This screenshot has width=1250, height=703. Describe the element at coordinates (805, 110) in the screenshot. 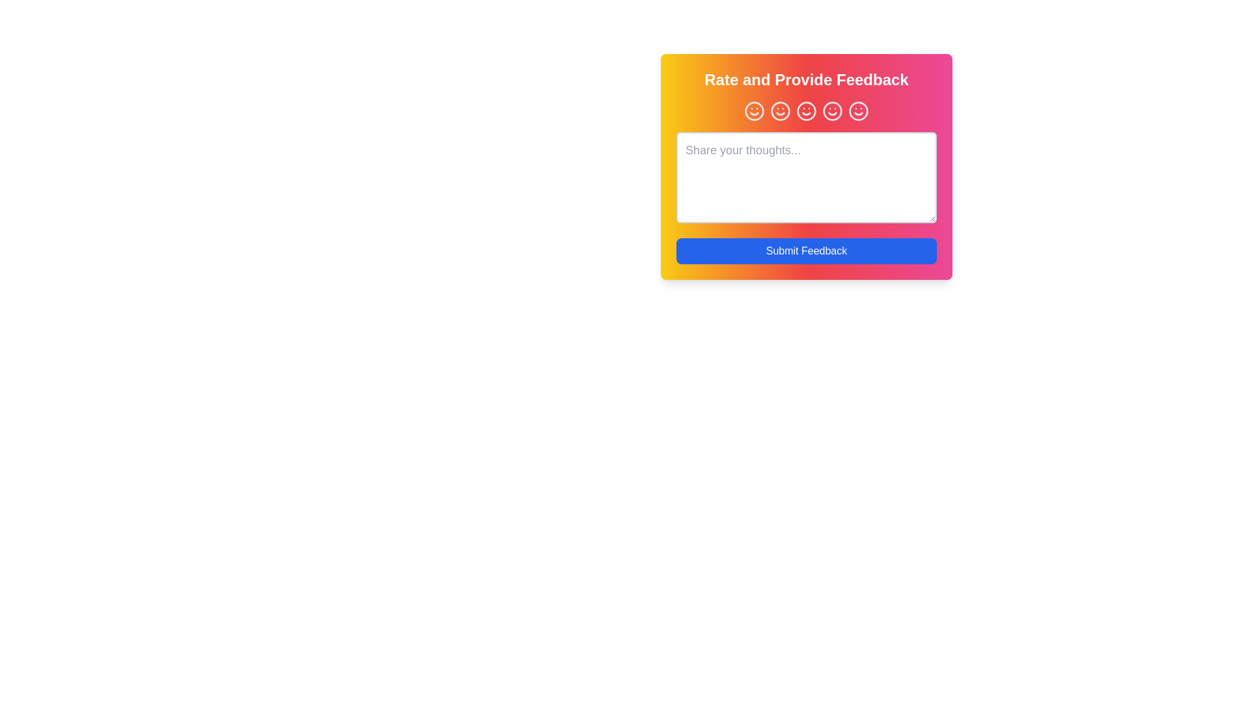

I see `the smiley face corresponding to the rating 3` at that location.